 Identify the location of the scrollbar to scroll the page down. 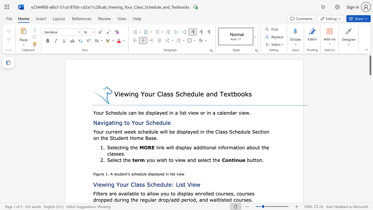
(370, 79).